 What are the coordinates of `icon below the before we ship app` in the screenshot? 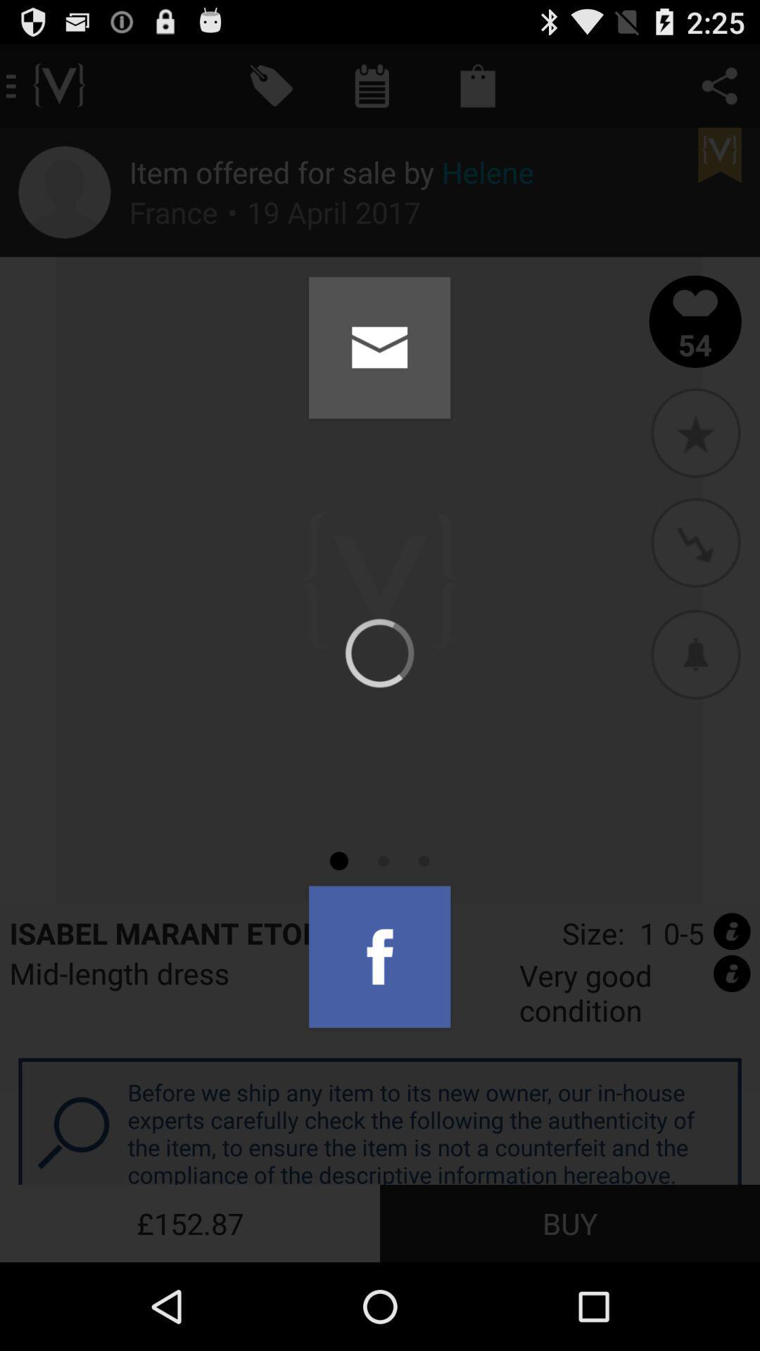 It's located at (570, 1222).